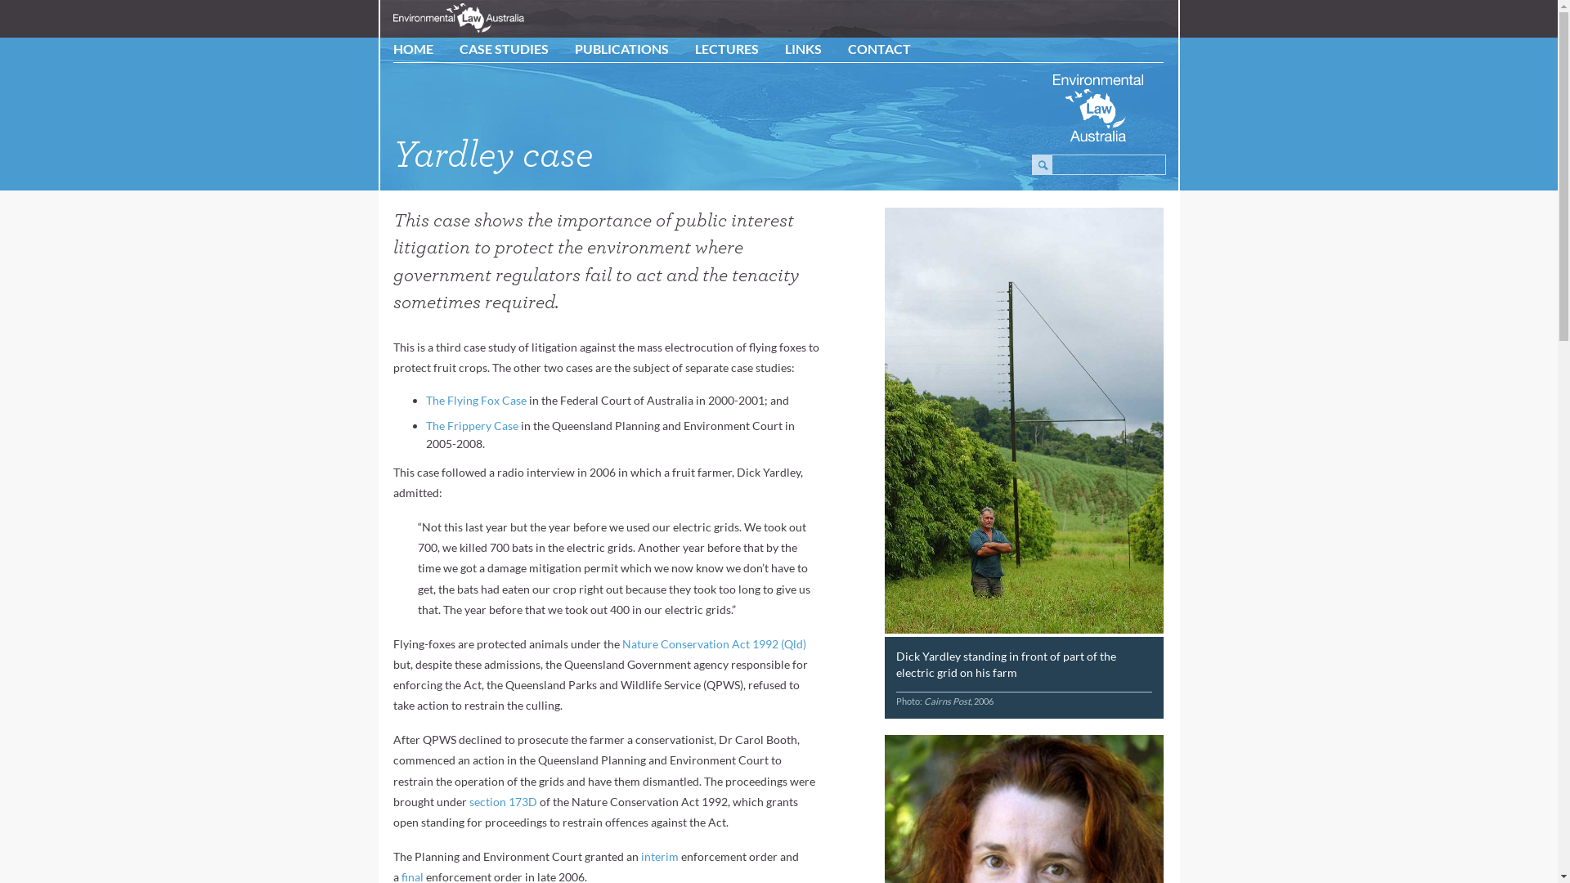 The height and width of the screenshot is (883, 1570). Describe the element at coordinates (458, 47) in the screenshot. I see `'CASE STUDIES'` at that location.